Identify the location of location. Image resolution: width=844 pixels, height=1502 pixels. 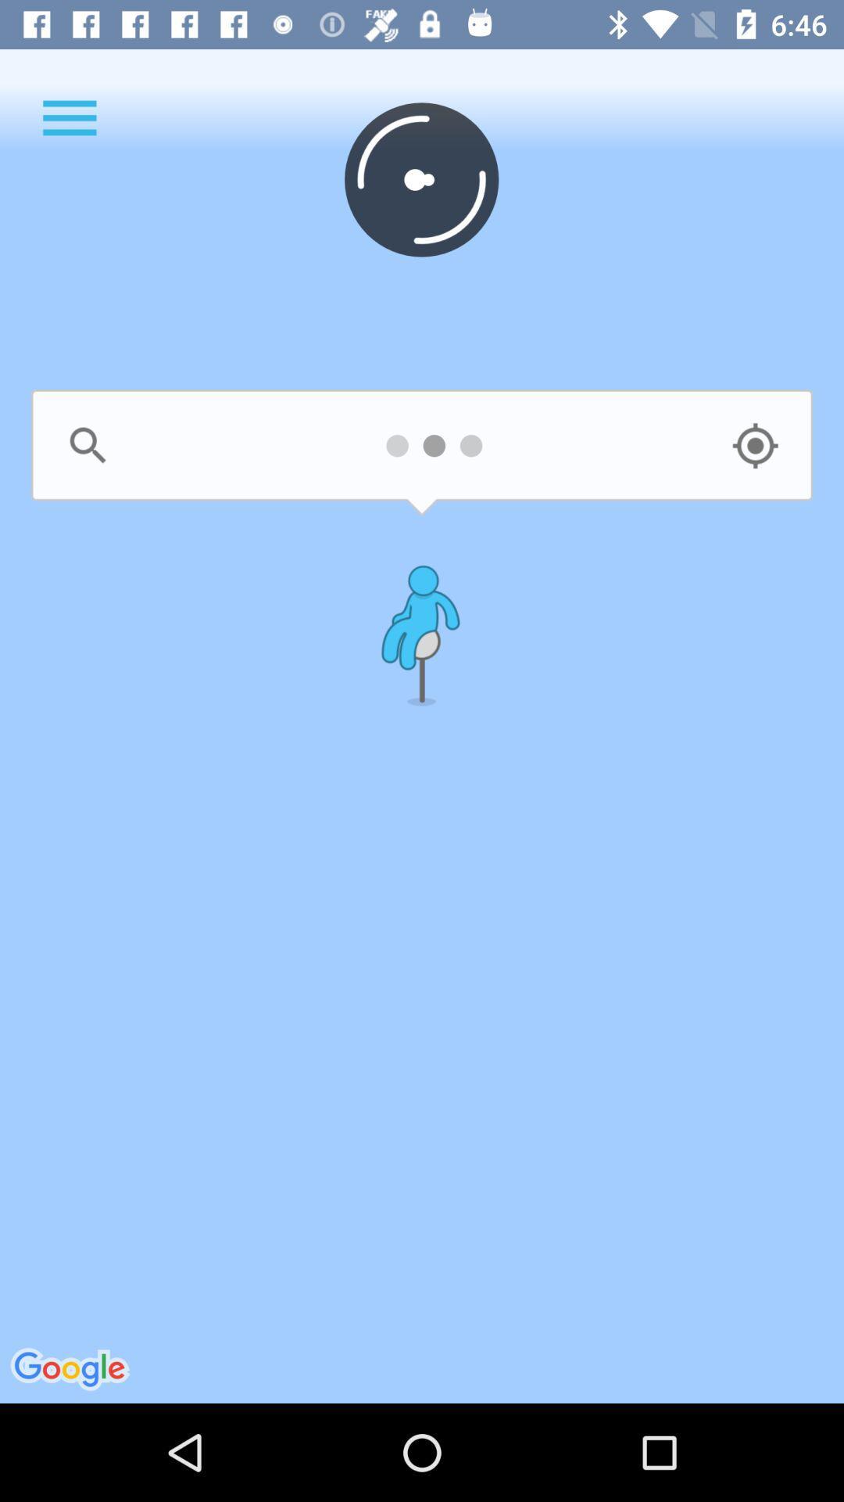
(754, 445).